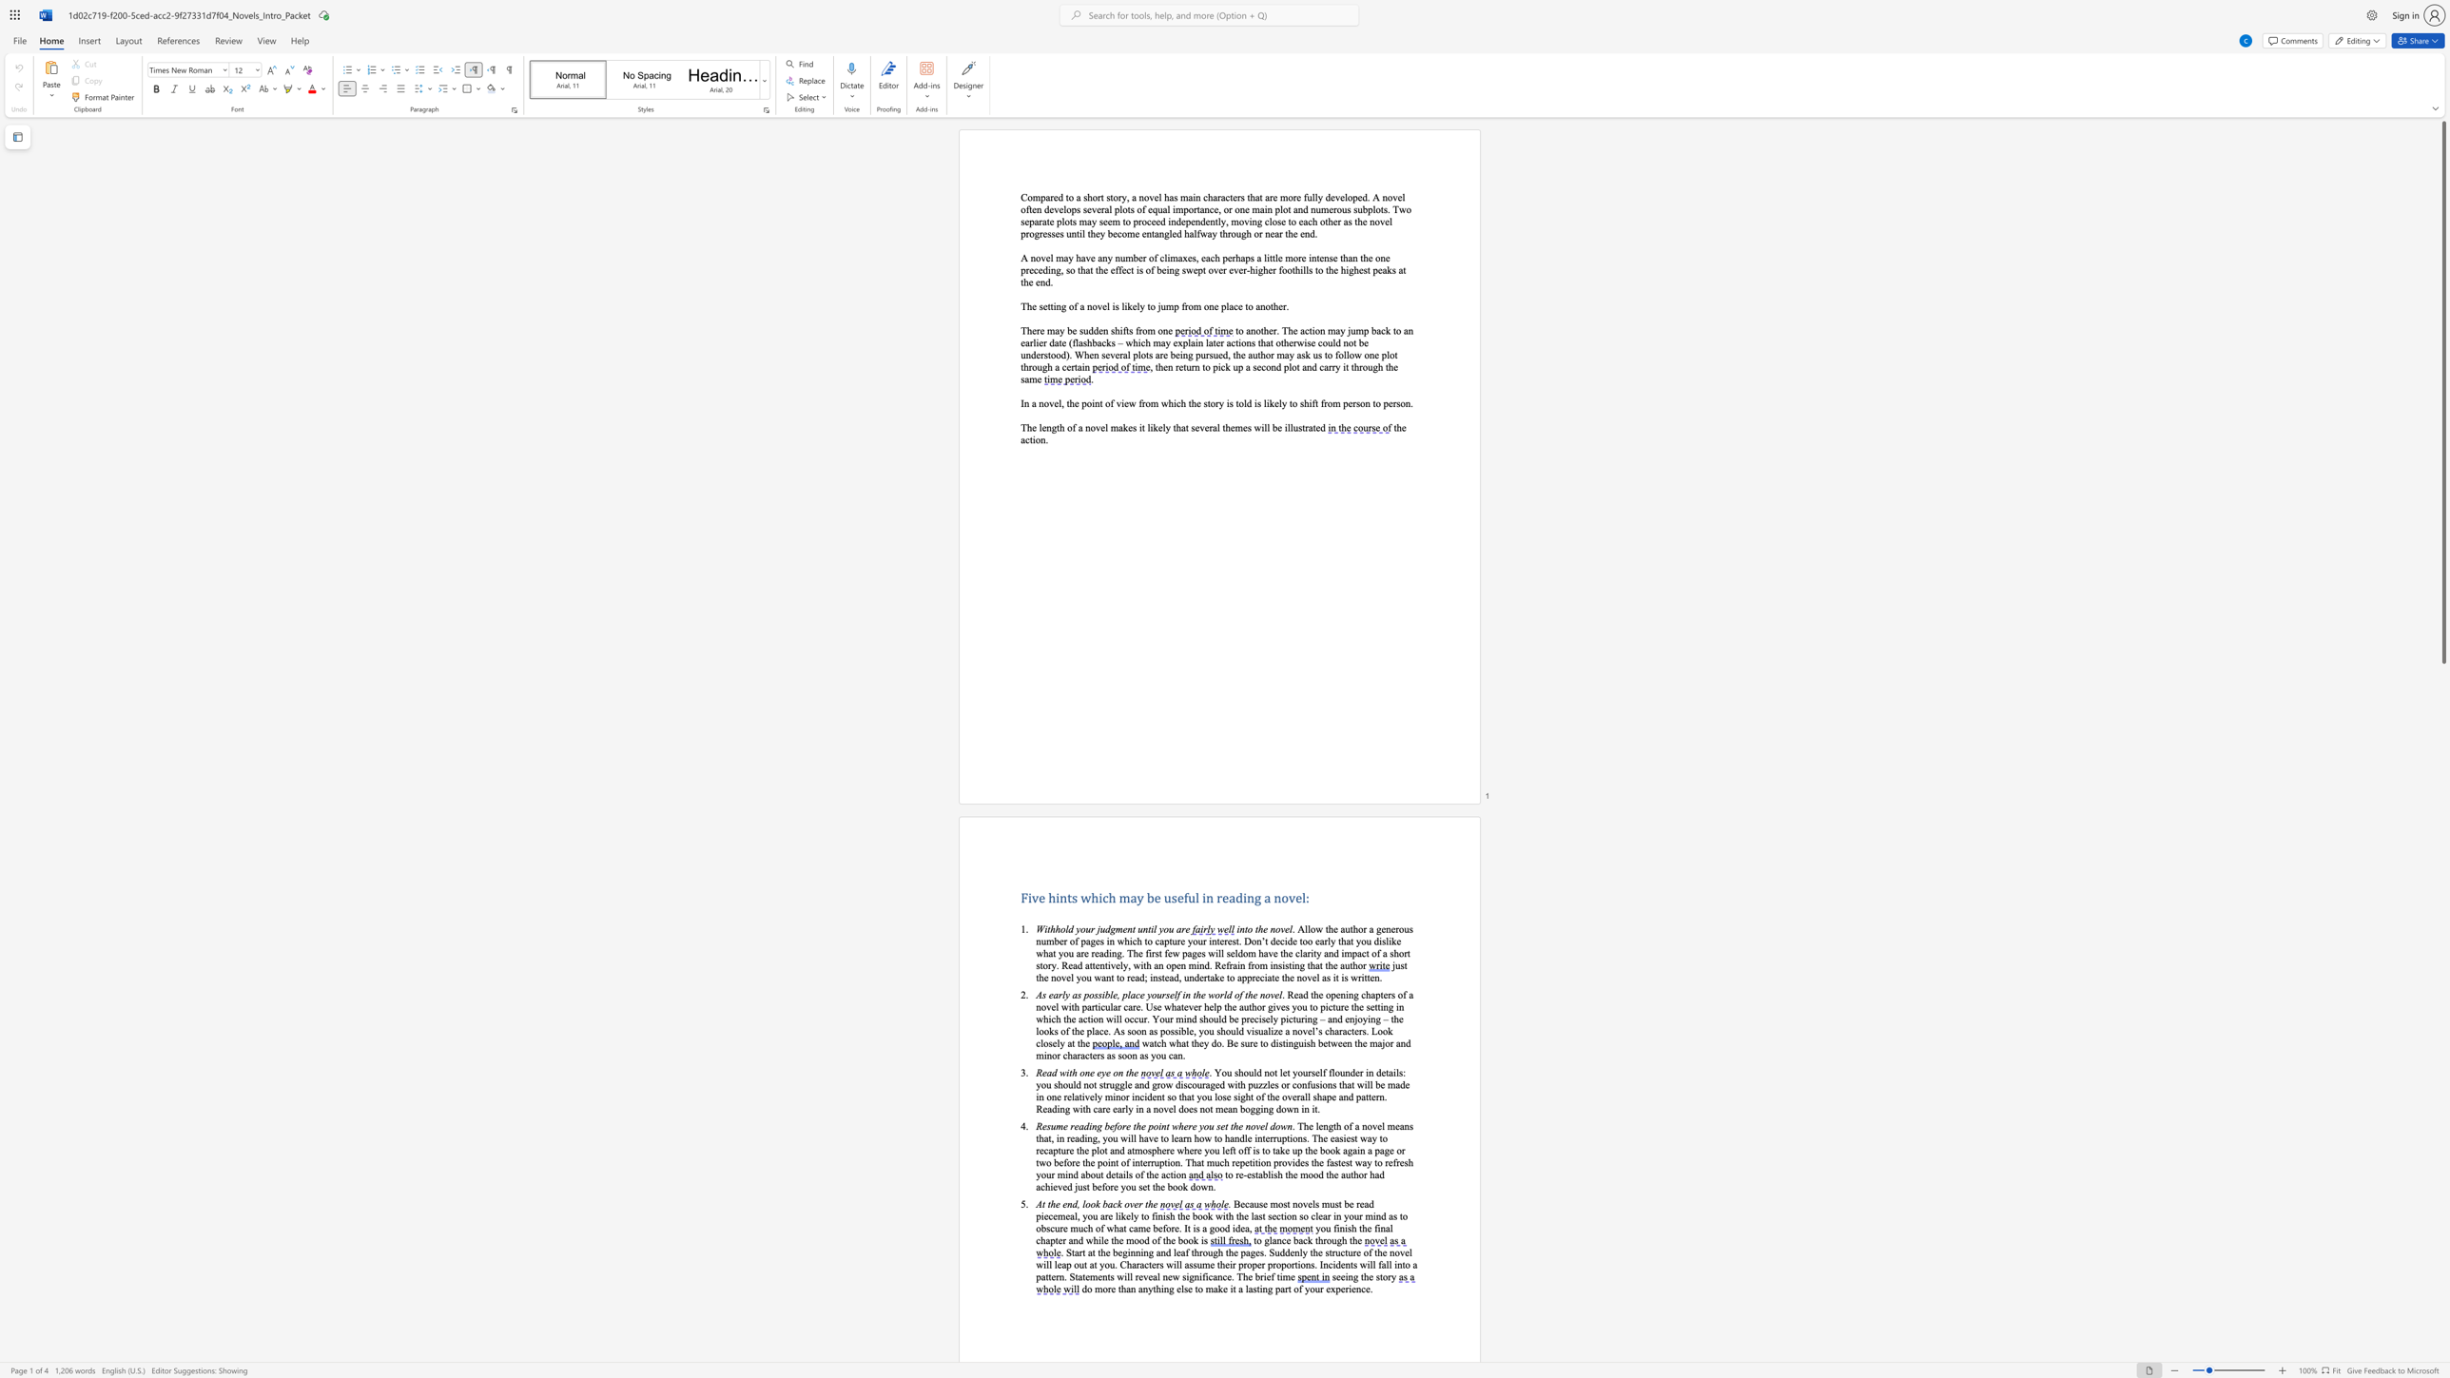 This screenshot has height=1378, width=2450. What do you see at coordinates (1230, 1289) in the screenshot?
I see `the subset text "it a l" within the text "do more than anything else to make it a lasting part of your experience."` at bounding box center [1230, 1289].